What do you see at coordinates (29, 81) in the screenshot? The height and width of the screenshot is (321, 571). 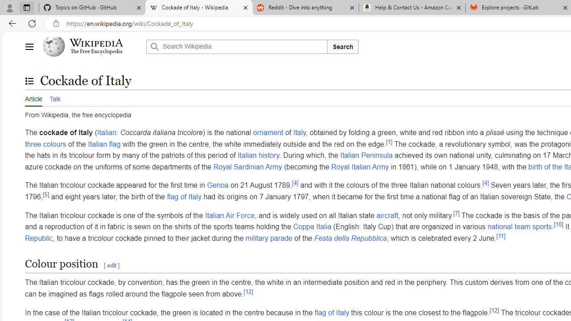 I see `'Toggle the table of contents'` at bounding box center [29, 81].